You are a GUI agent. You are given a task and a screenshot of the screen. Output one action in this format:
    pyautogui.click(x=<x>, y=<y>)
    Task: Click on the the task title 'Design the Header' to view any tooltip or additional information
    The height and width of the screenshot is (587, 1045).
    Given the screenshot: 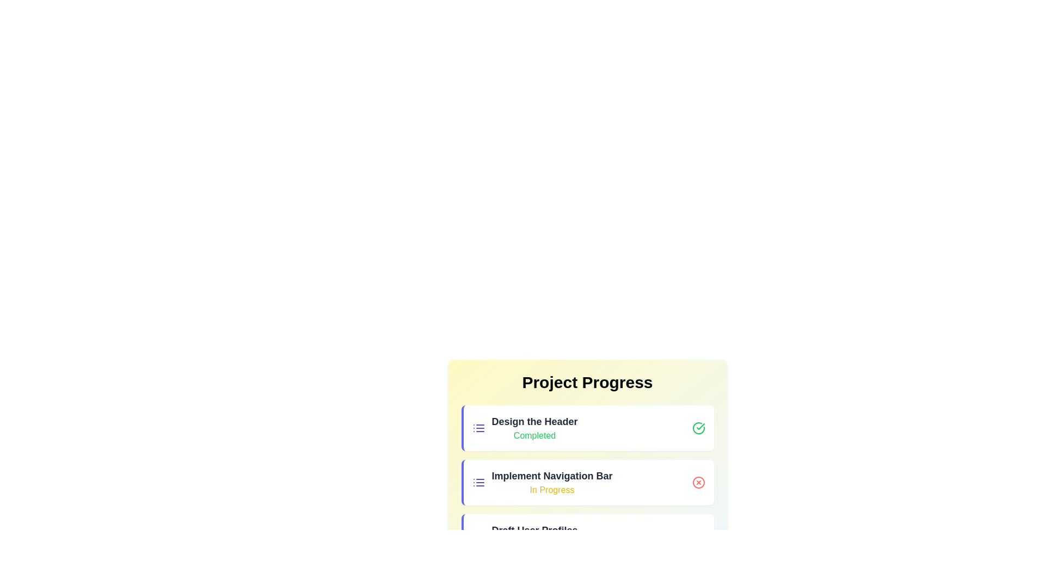 What is the action you would take?
    pyautogui.click(x=534, y=421)
    